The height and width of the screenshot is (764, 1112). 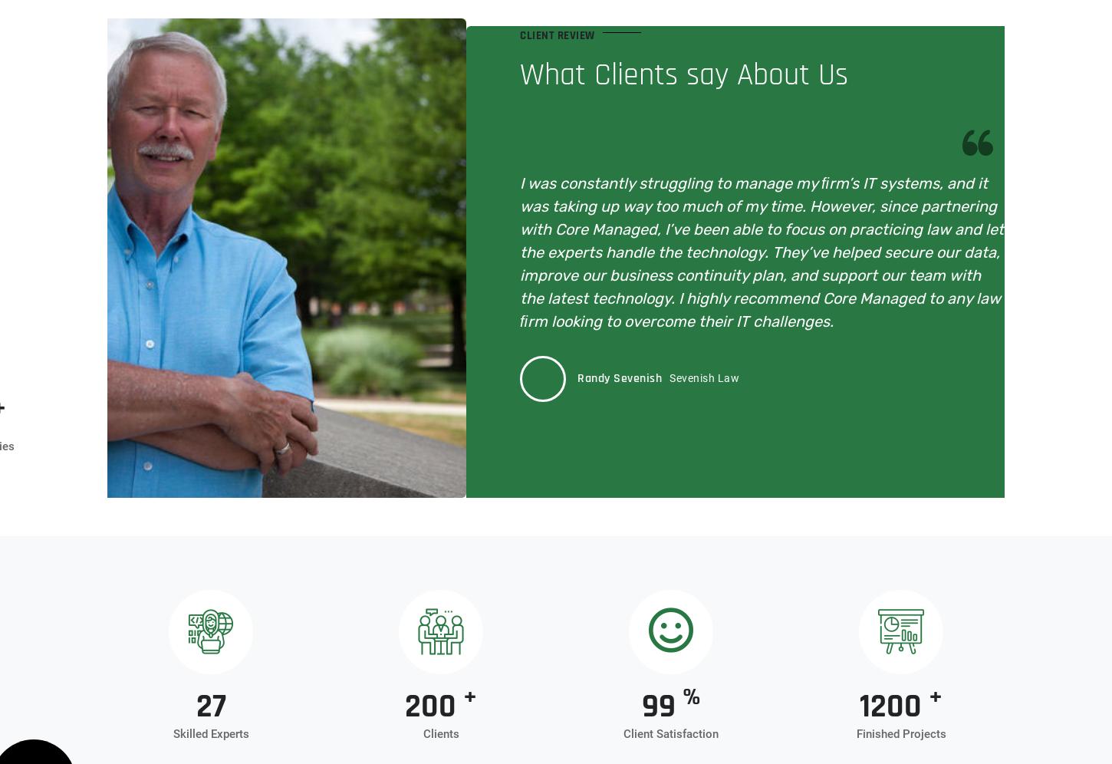 What do you see at coordinates (210, 732) in the screenshot?
I see `'Skilled Experts'` at bounding box center [210, 732].